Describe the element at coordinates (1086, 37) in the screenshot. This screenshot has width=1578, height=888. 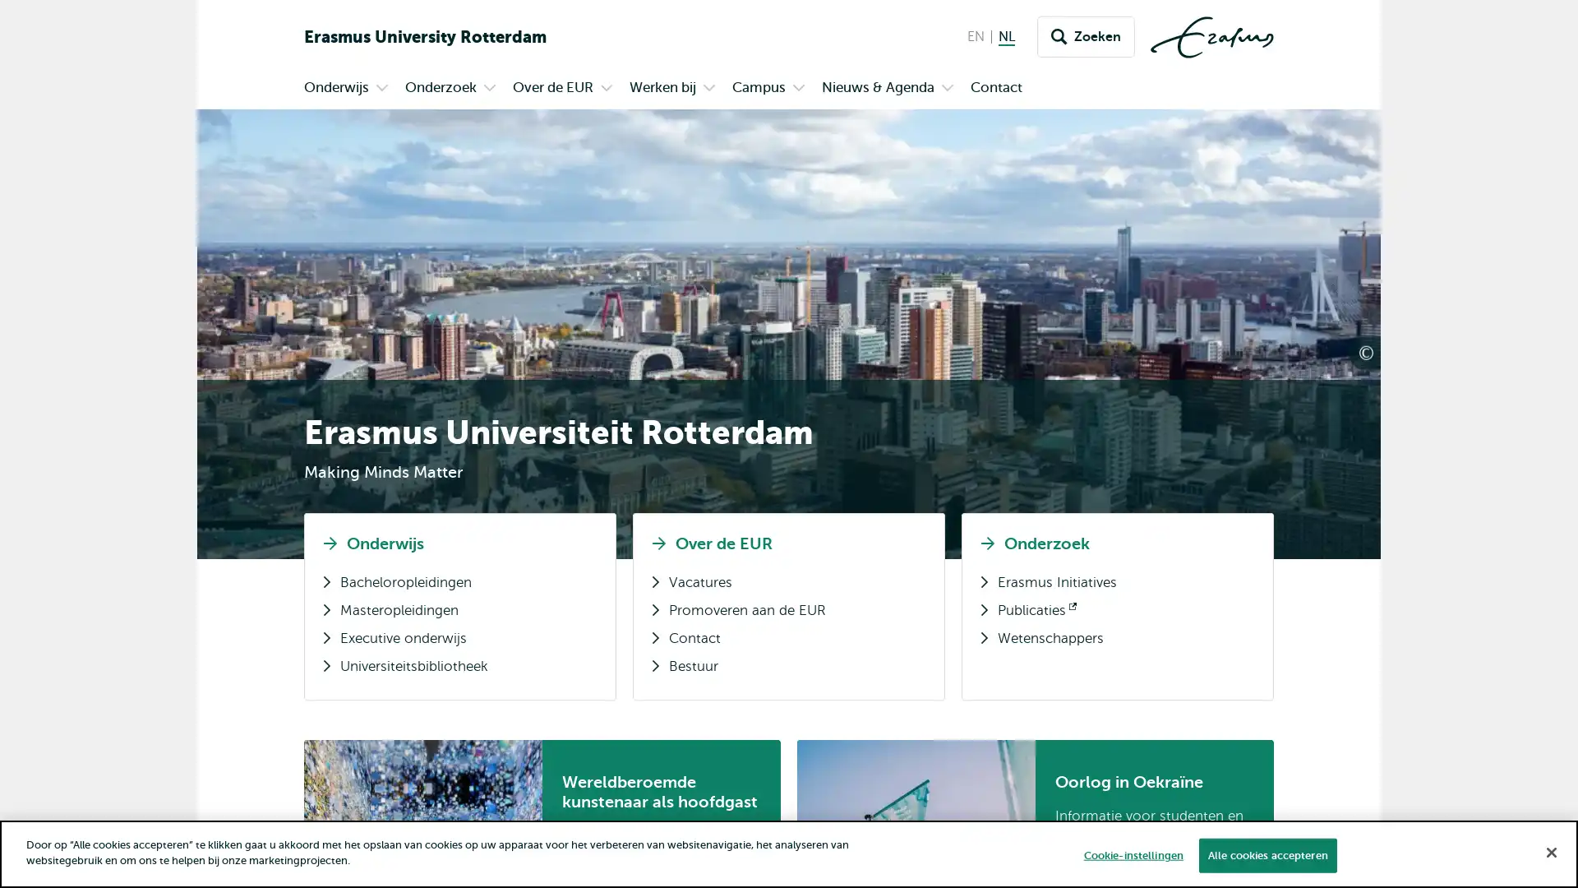
I see `Zoeken` at that location.